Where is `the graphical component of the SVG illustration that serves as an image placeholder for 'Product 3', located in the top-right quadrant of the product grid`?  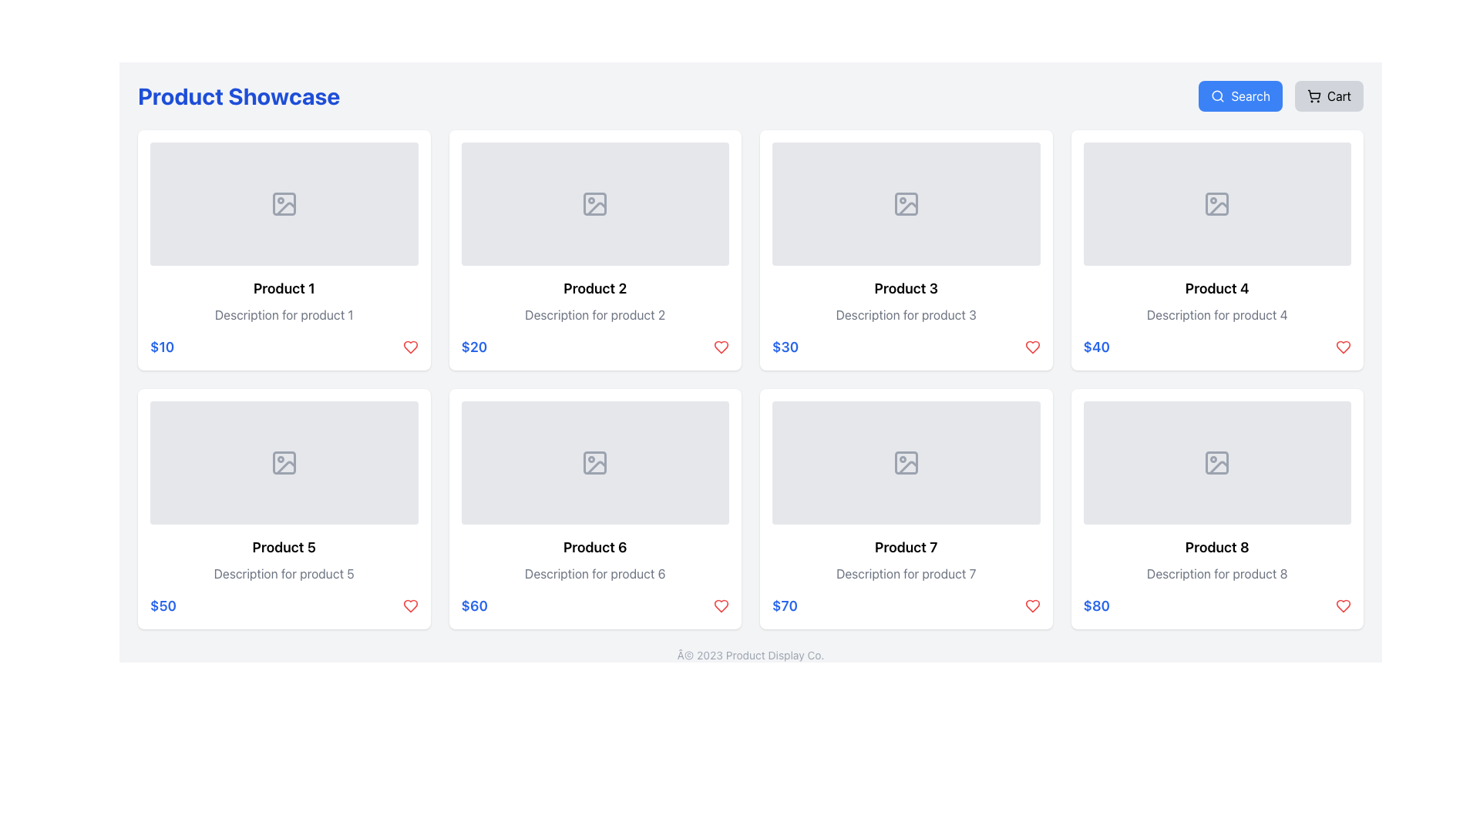
the graphical component of the SVG illustration that serves as an image placeholder for 'Product 3', located in the top-right quadrant of the product grid is located at coordinates (907, 208).